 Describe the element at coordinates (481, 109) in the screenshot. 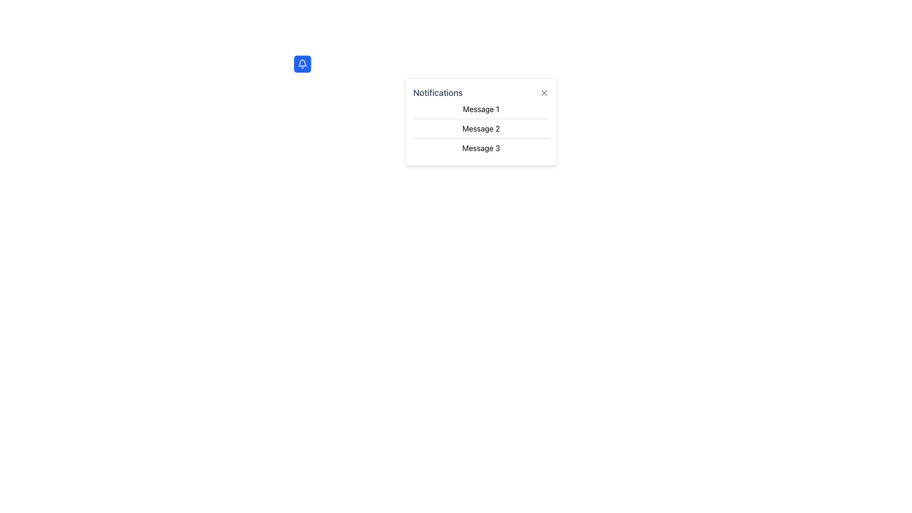

I see `the notification message entry displayed directly below the title 'Notifications' in the notification dropdown` at that location.